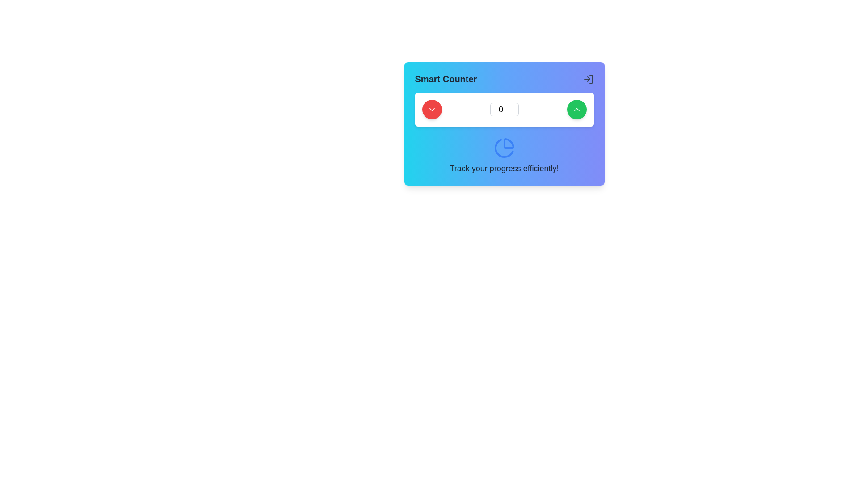 This screenshot has width=858, height=483. What do you see at coordinates (504, 169) in the screenshot?
I see `the motivational text label positioned at the bottom of the card beneath the pie chart icon` at bounding box center [504, 169].